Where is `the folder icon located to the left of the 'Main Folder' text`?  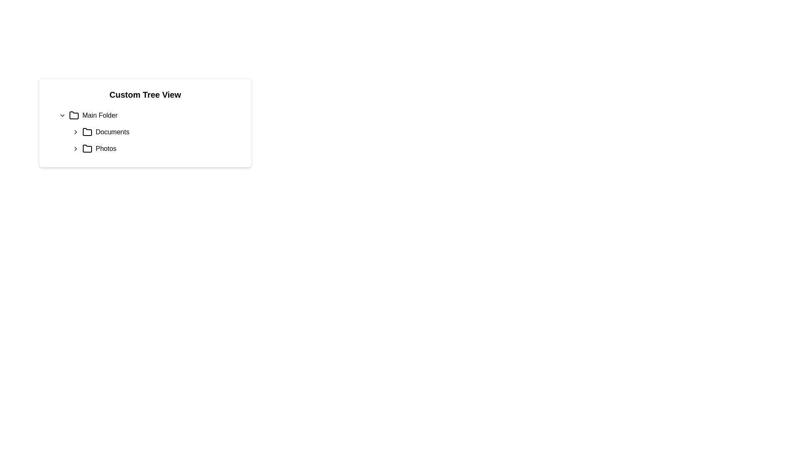
the folder icon located to the left of the 'Main Folder' text is located at coordinates (74, 115).